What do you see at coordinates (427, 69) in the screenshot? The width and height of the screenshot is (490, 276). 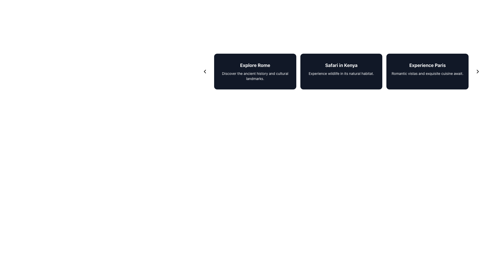 I see `descriptive text block about Paris located in the rightmost card of the interactive card layout, positioned next to the 'Safari in Kenya' card` at bounding box center [427, 69].